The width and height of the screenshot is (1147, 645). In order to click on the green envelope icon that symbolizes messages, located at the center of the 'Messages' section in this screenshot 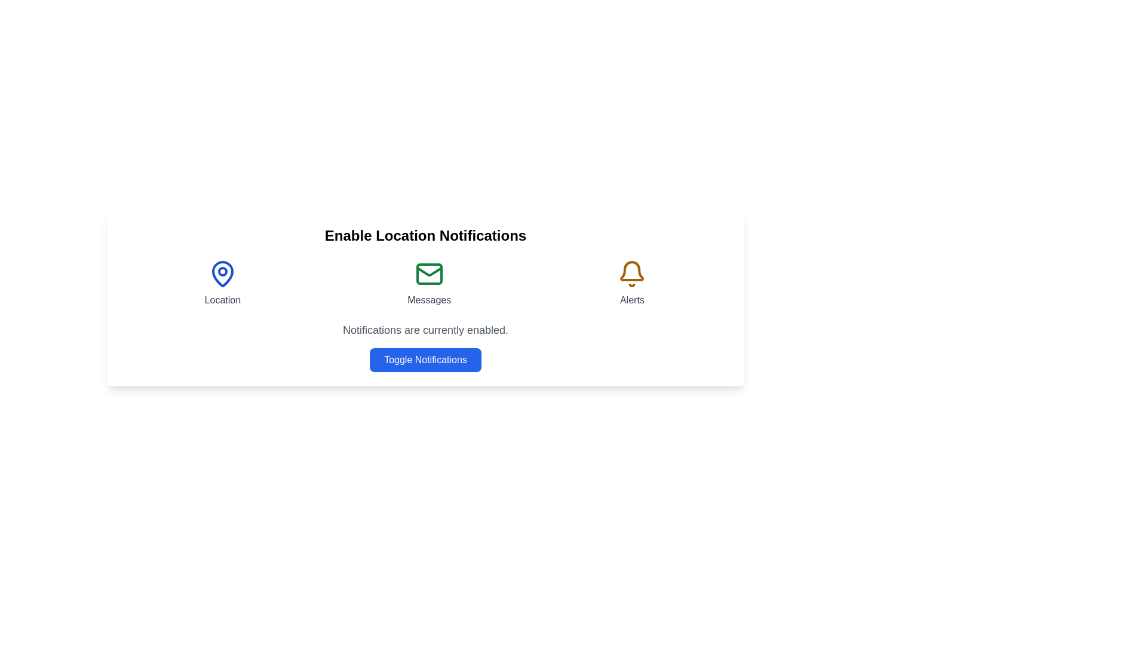, I will do `click(429, 274)`.